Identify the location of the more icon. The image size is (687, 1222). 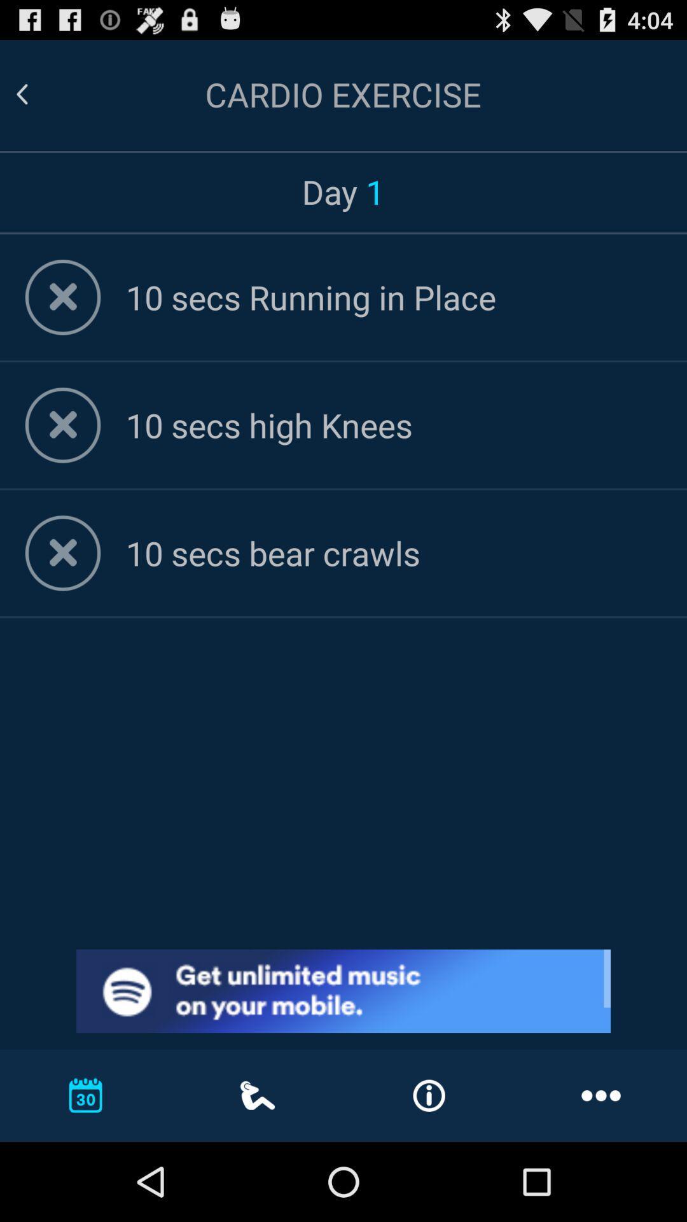
(601, 1095).